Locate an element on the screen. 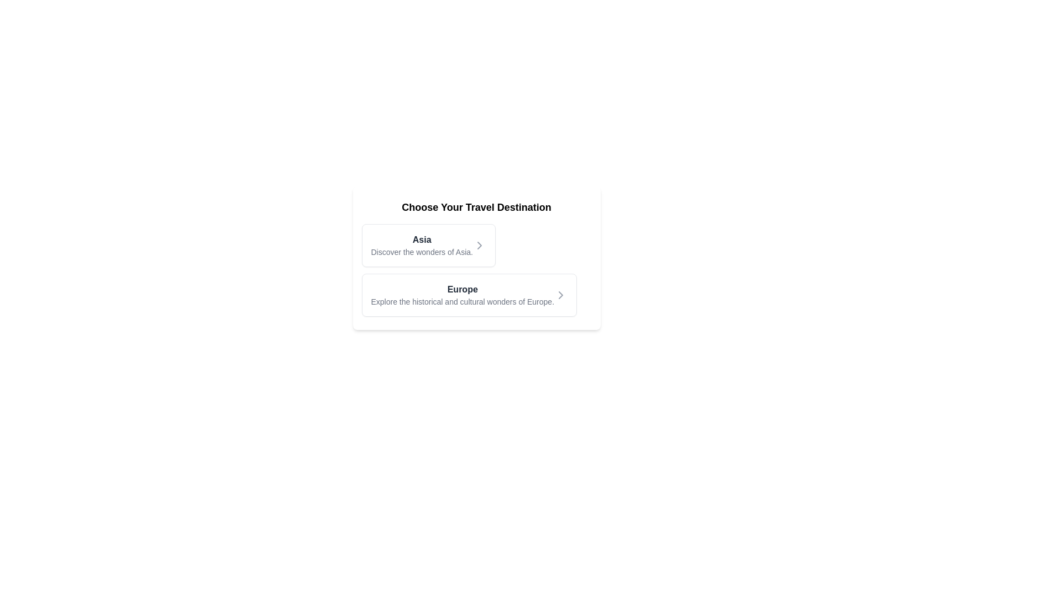 Image resolution: width=1061 pixels, height=596 pixels. the right-pointing chevron icon located on the right side of the 'Europe' option to proceed is located at coordinates (561, 295).